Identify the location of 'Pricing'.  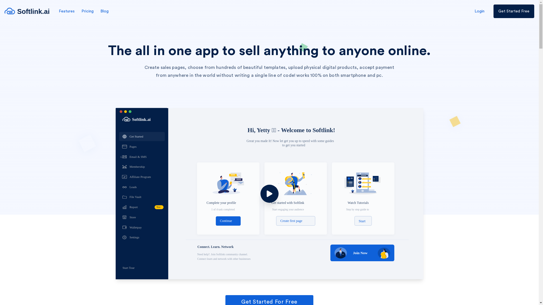
(87, 11).